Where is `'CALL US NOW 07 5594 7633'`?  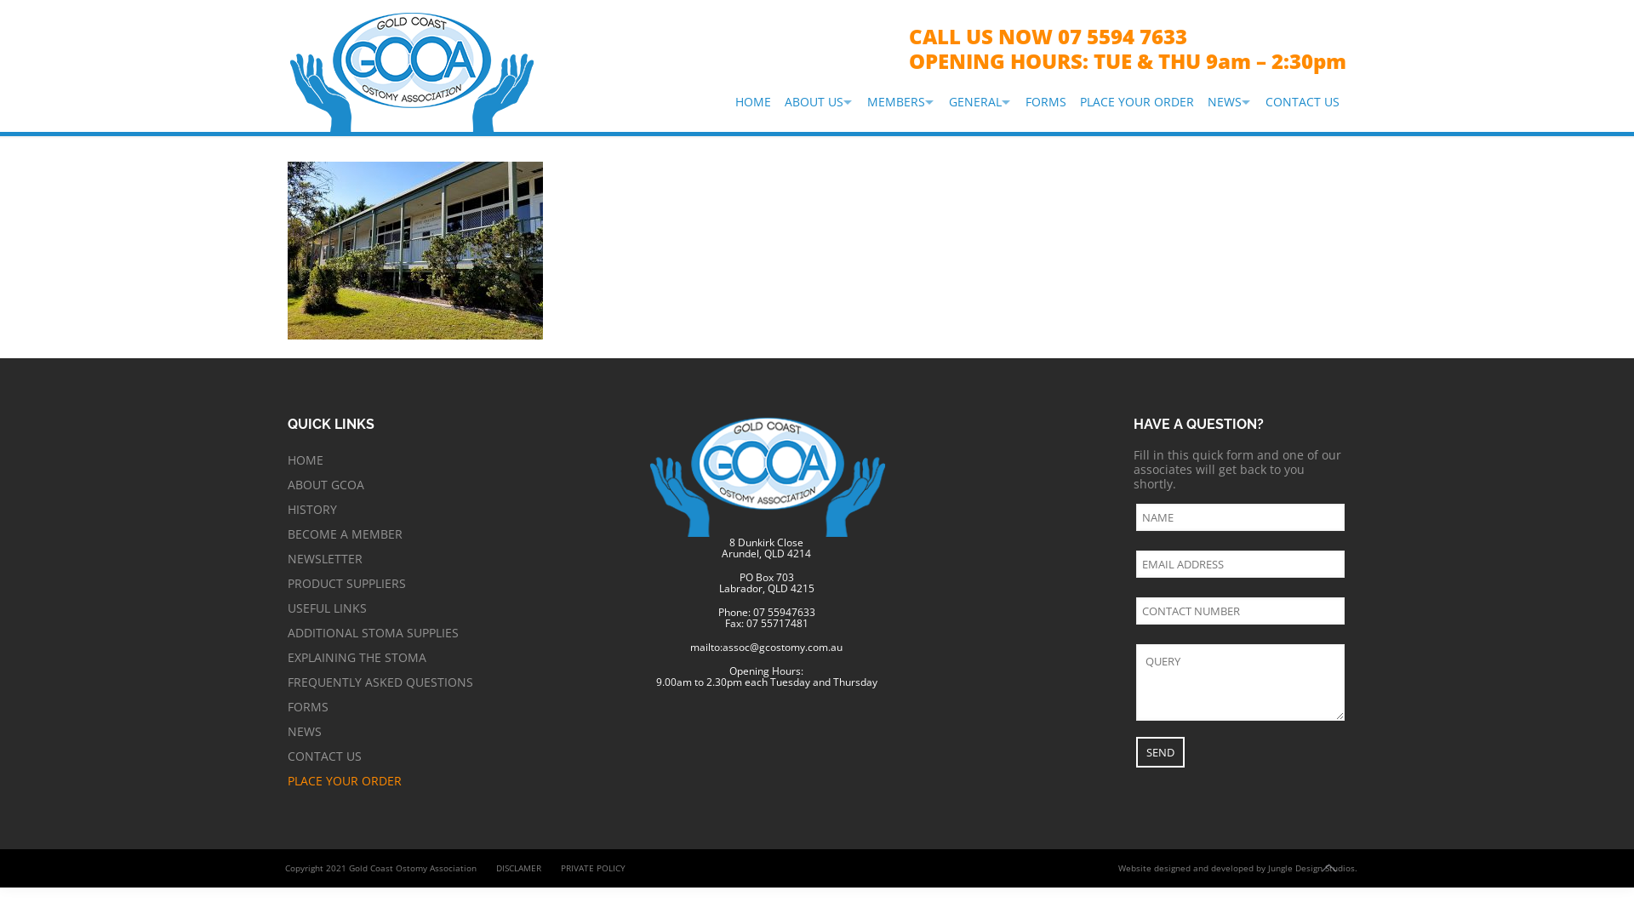 'CALL US NOW 07 5594 7633' is located at coordinates (1047, 36).